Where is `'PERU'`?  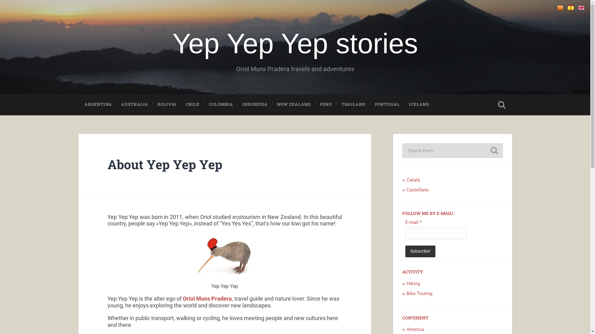 'PERU' is located at coordinates (314, 104).